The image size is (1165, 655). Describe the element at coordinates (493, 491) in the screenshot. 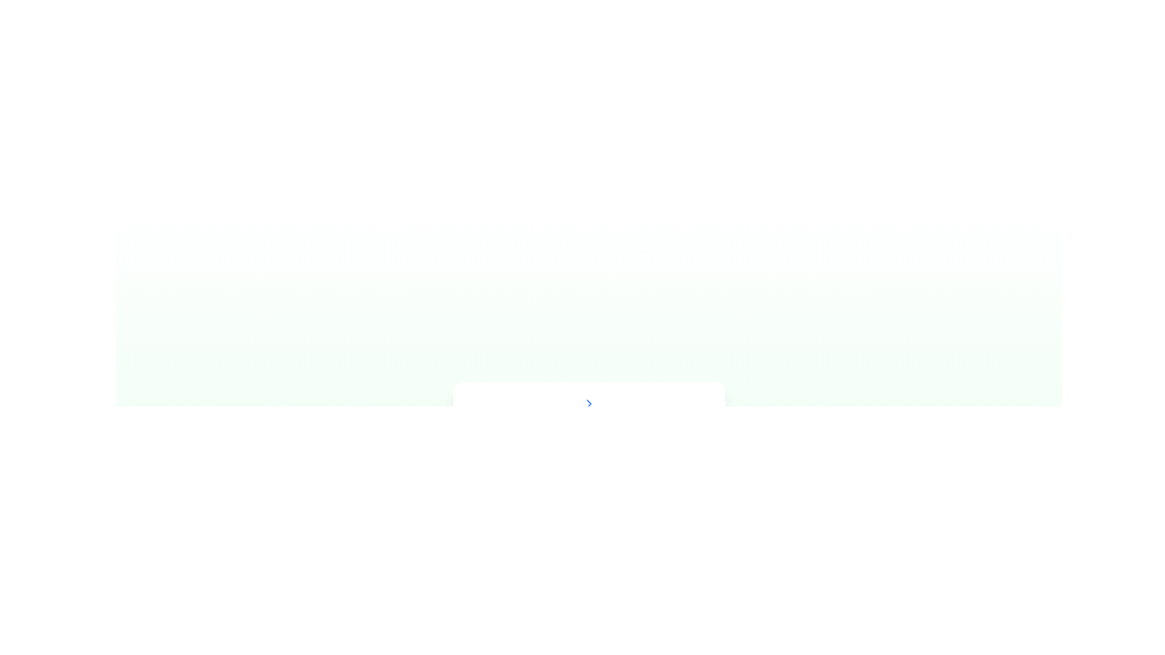

I see `the slider value` at that location.